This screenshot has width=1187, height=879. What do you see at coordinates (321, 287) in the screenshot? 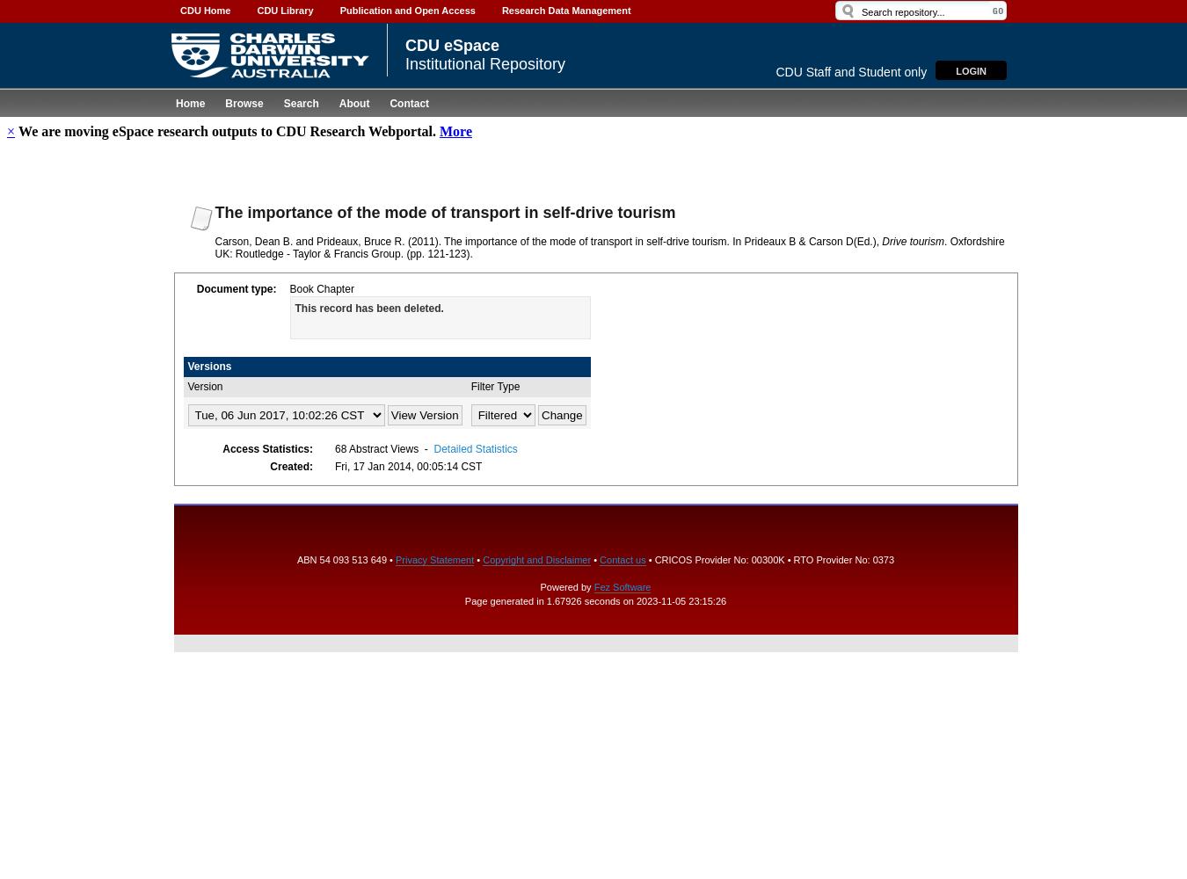
I see `'Book Chapter'` at bounding box center [321, 287].